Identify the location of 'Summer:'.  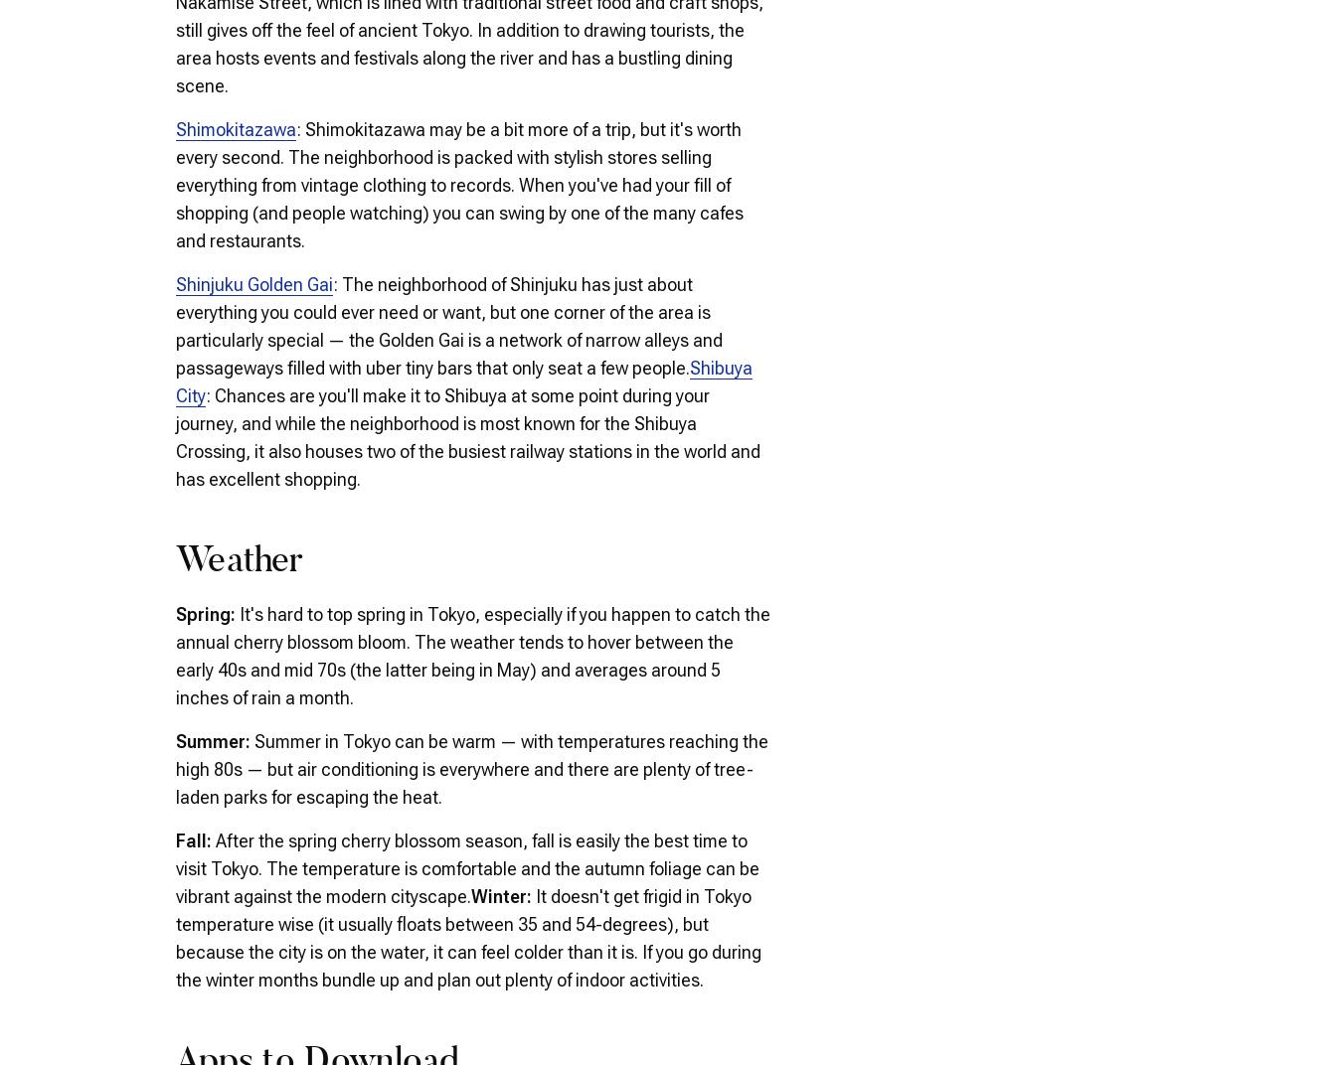
(215, 740).